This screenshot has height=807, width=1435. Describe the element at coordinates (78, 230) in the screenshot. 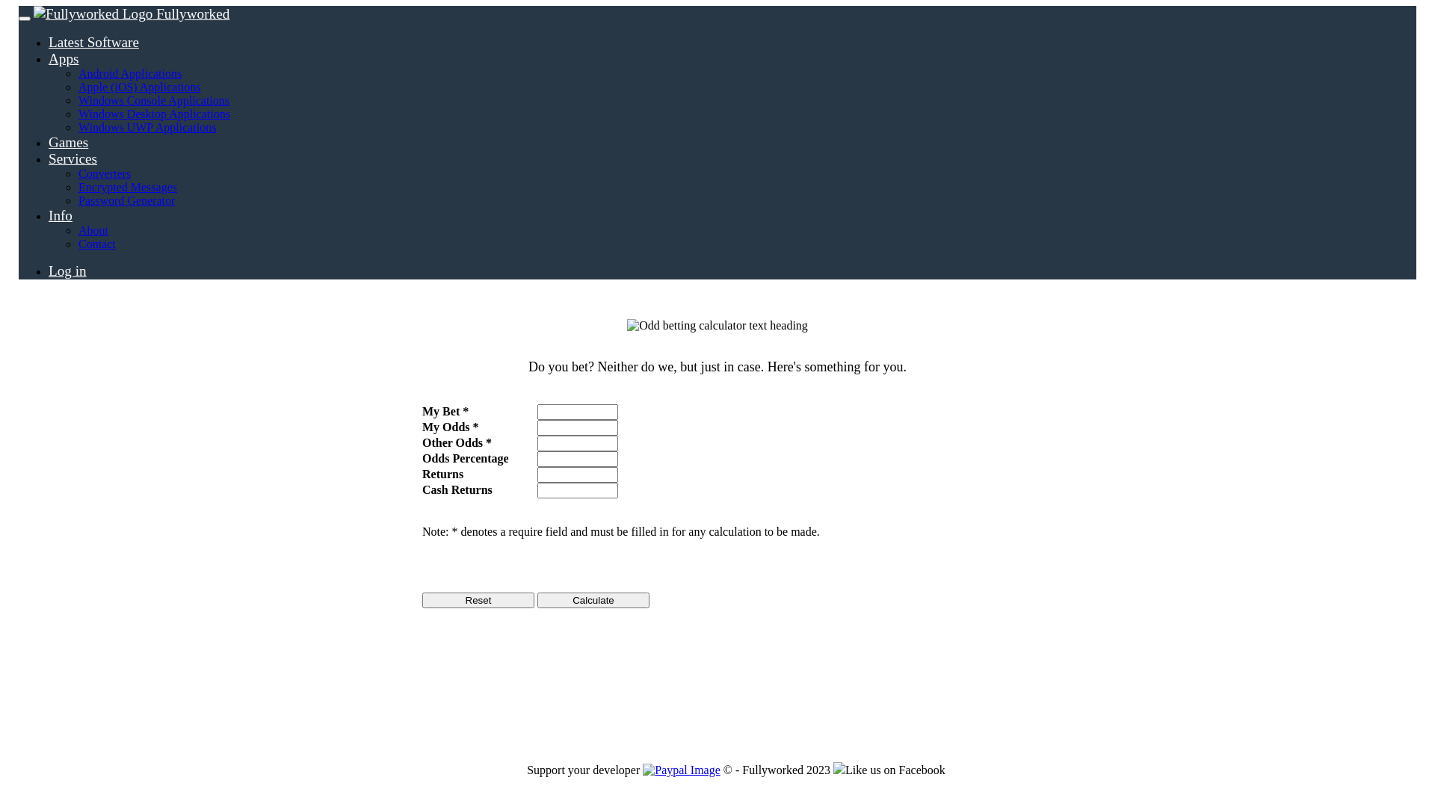

I see `'About'` at that location.